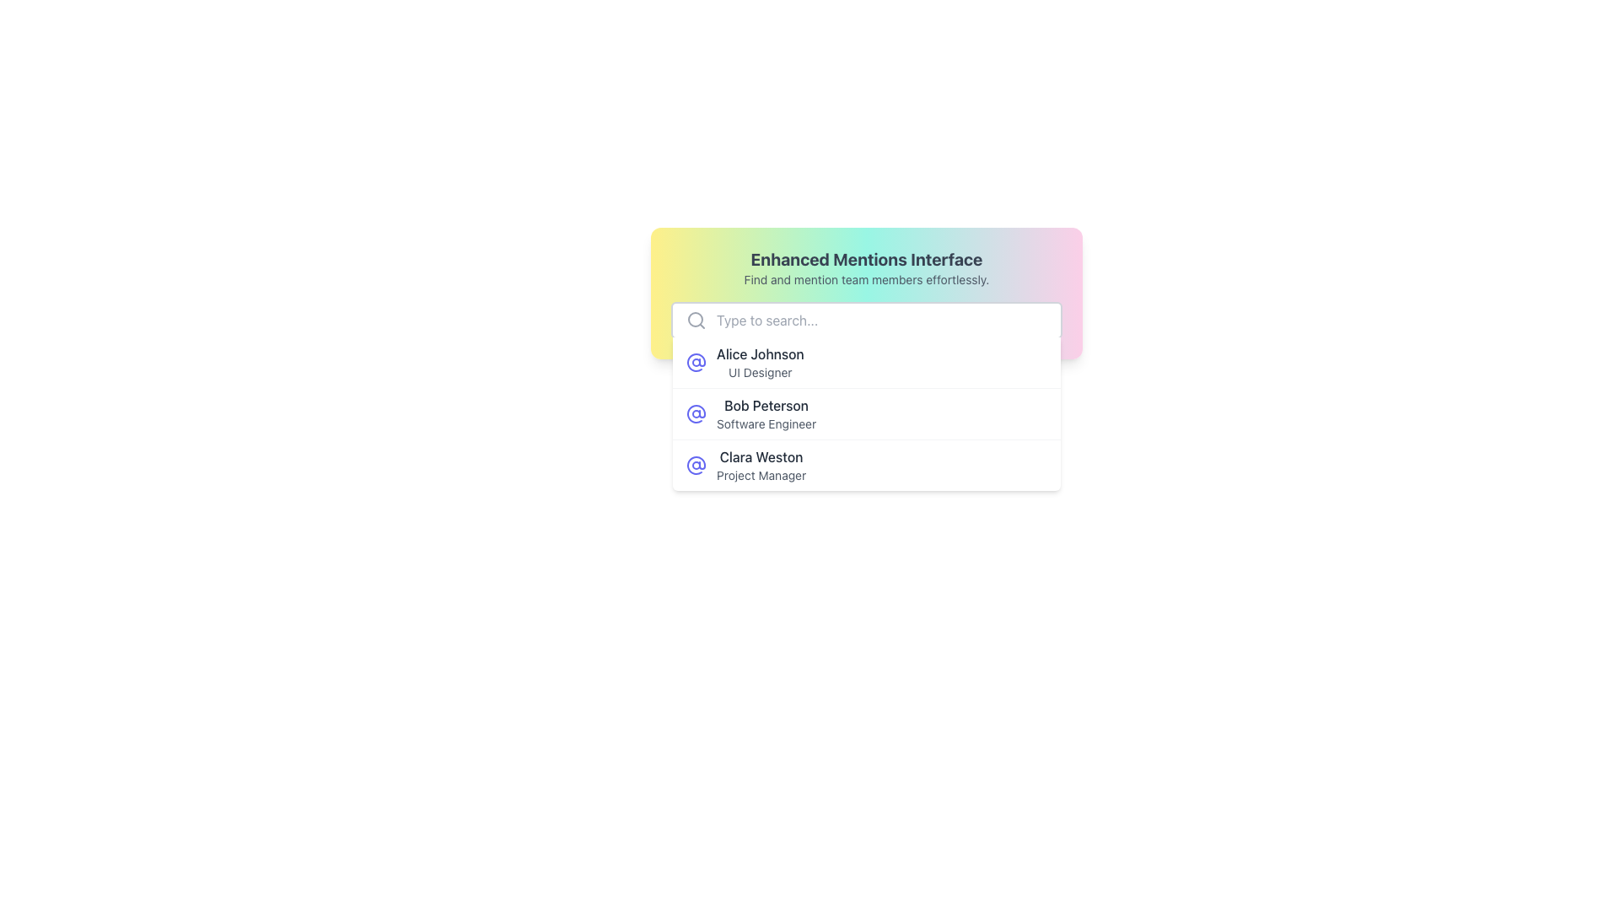 This screenshot has height=911, width=1619. I want to click on the gray search magnifying glass icon located at the beginning of the search bar, which has a placeholder text 'Type to search...' to its right, so click(696, 321).